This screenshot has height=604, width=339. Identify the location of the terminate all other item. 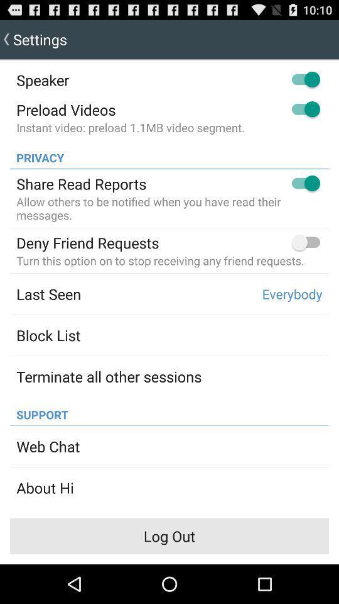
(109, 376).